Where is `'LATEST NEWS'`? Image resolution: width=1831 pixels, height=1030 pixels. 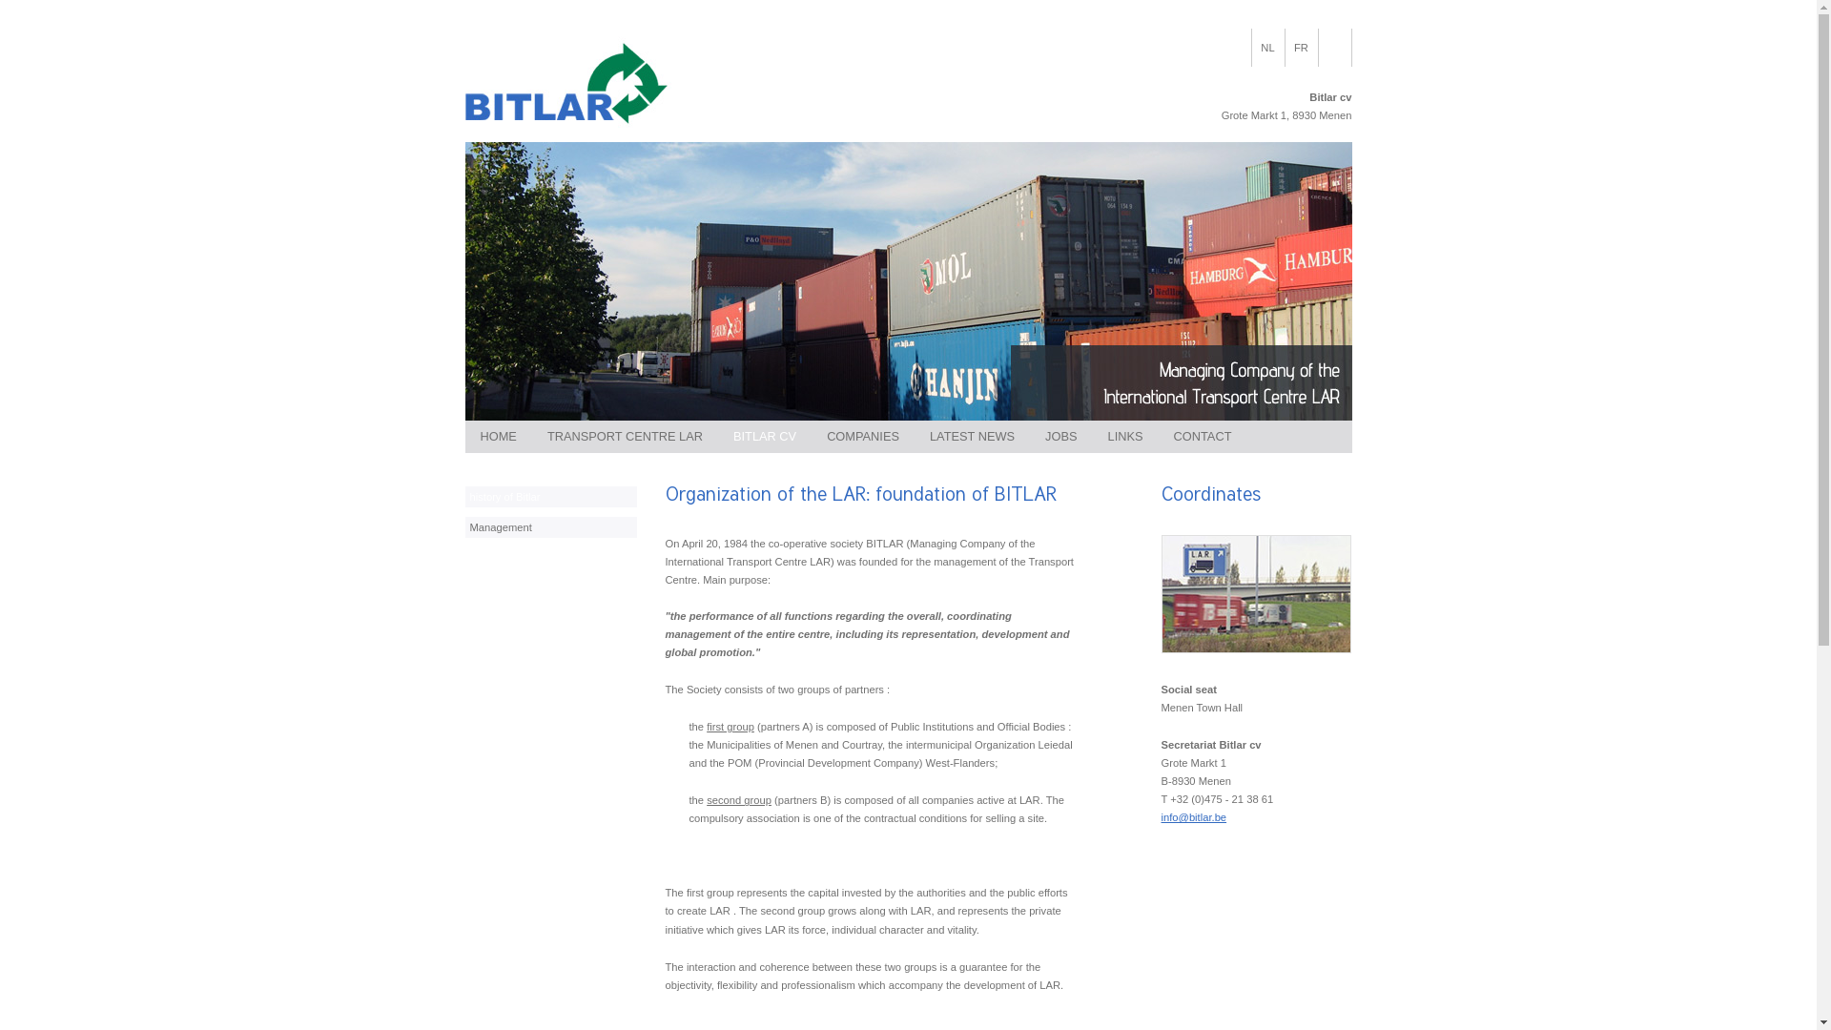
'LATEST NEWS' is located at coordinates (972, 437).